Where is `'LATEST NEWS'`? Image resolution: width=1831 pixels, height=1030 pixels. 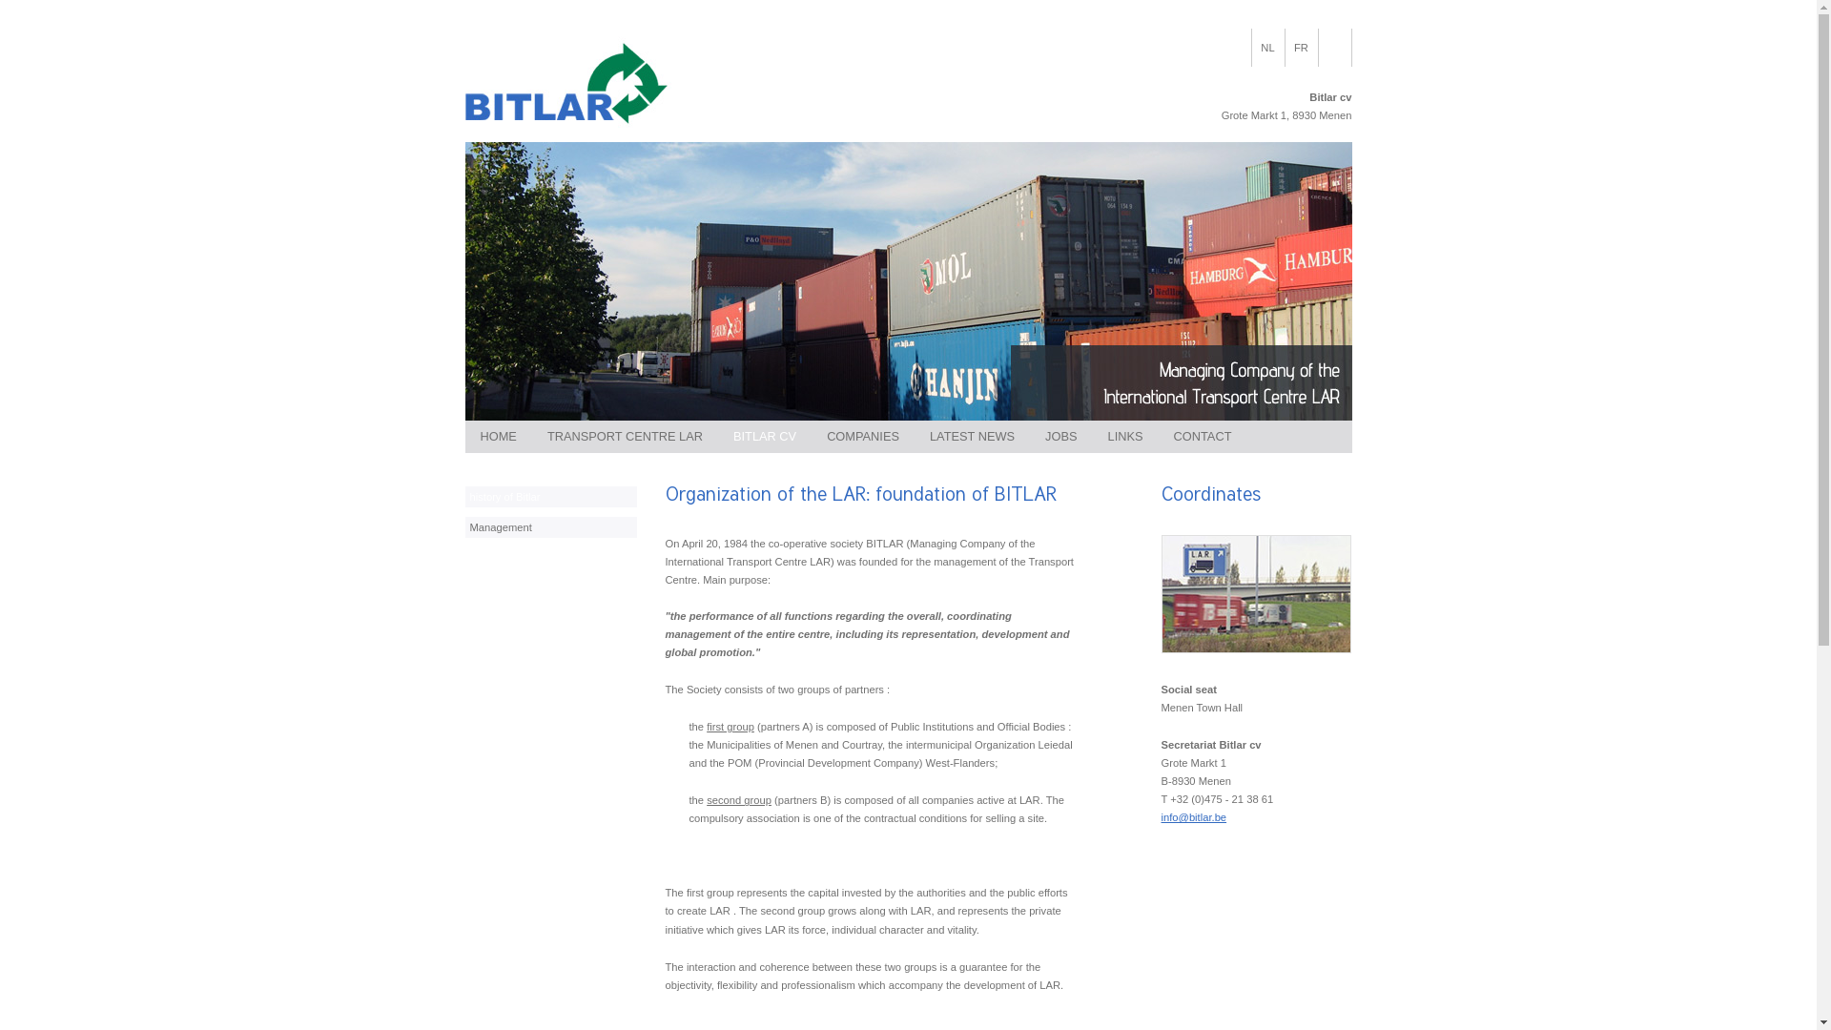
'LATEST NEWS' is located at coordinates (972, 437).